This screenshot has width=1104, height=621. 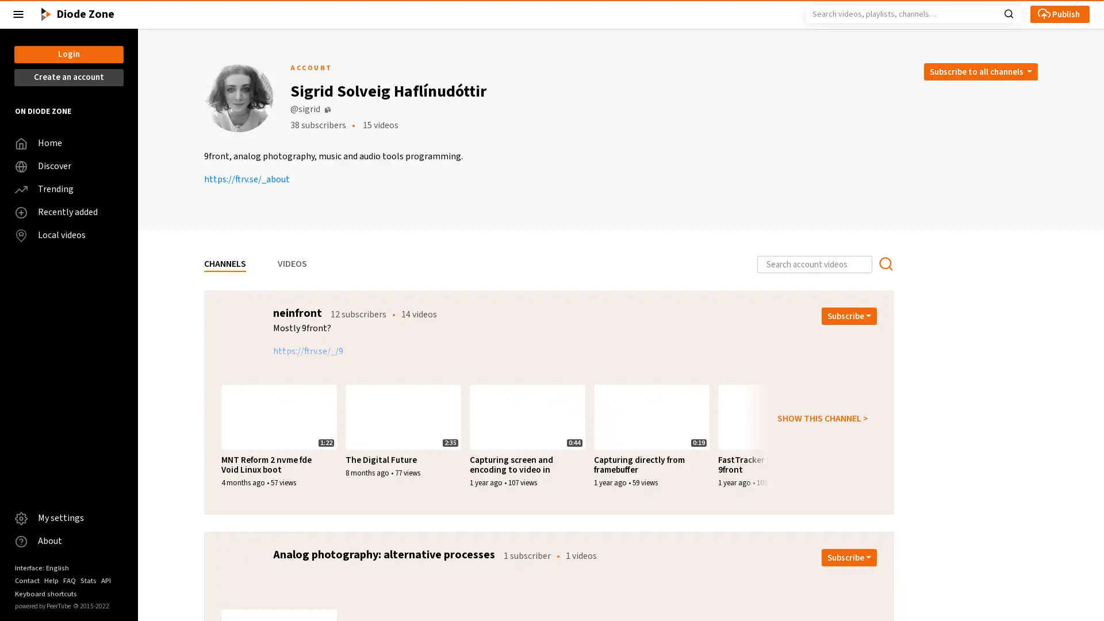 What do you see at coordinates (849, 316) in the screenshot?
I see `Open subscription dropdown` at bounding box center [849, 316].